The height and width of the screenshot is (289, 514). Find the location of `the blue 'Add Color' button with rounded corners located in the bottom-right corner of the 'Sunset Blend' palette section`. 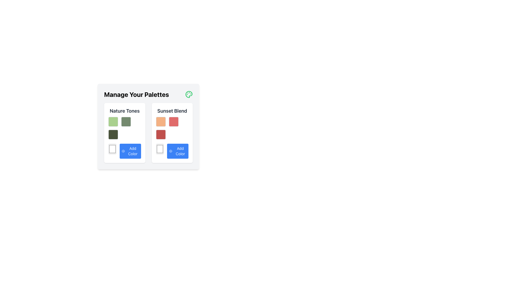

the blue 'Add Color' button with rounded corners located in the bottom-right corner of the 'Sunset Blend' palette section is located at coordinates (177, 151).